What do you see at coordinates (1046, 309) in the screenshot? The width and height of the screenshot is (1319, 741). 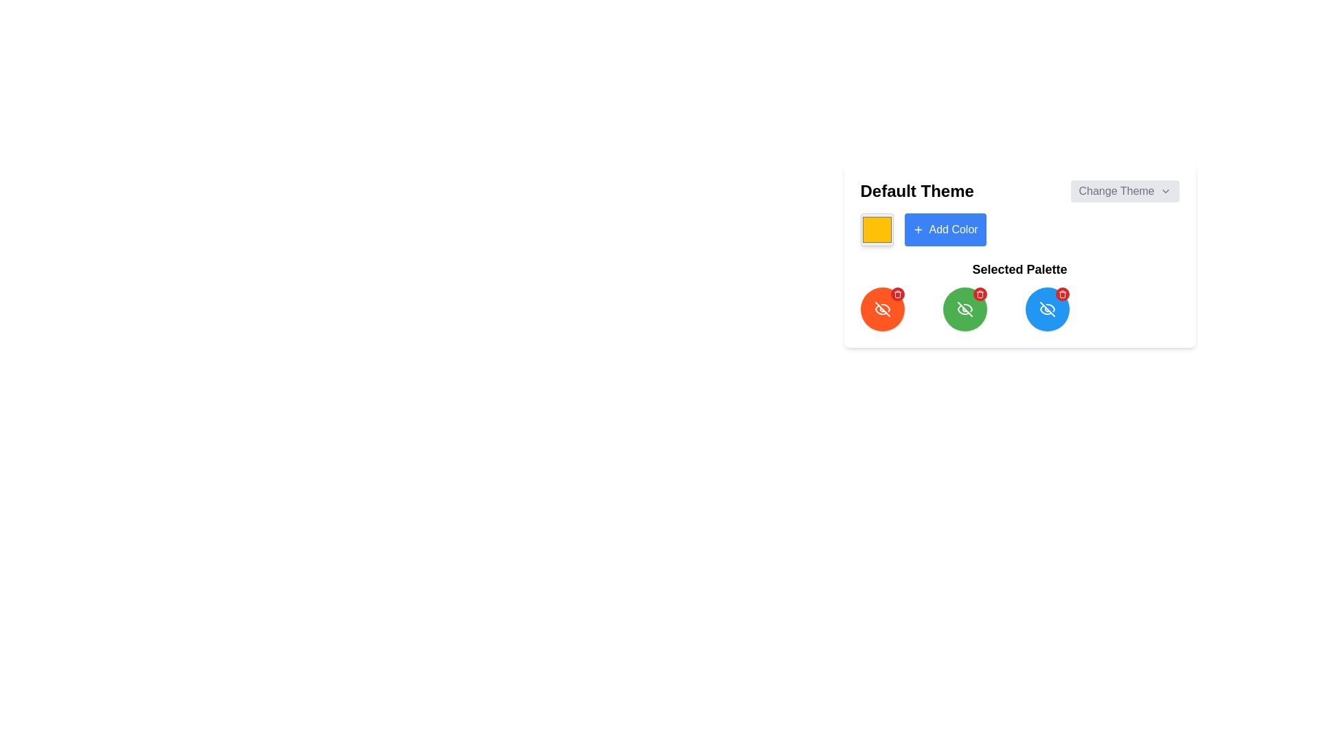 I see `the circular button with a blue background featuring an eye crossed out icon and a red trash bin icon` at bounding box center [1046, 309].